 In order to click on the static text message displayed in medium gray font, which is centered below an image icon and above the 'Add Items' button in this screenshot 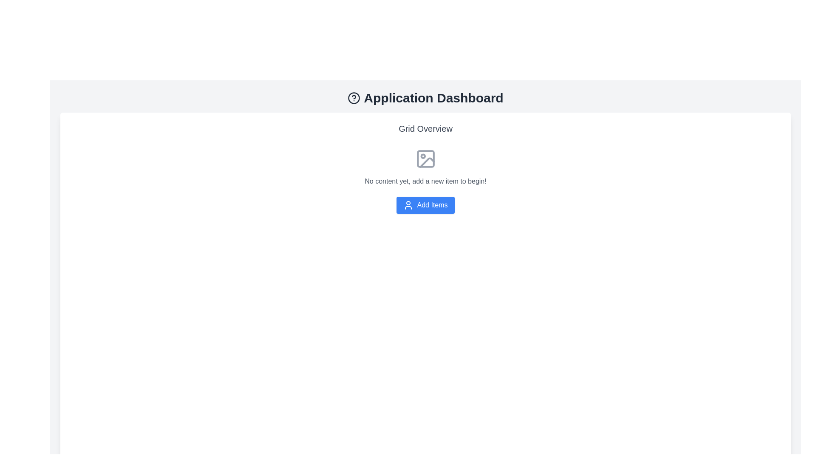, I will do `click(425, 181)`.